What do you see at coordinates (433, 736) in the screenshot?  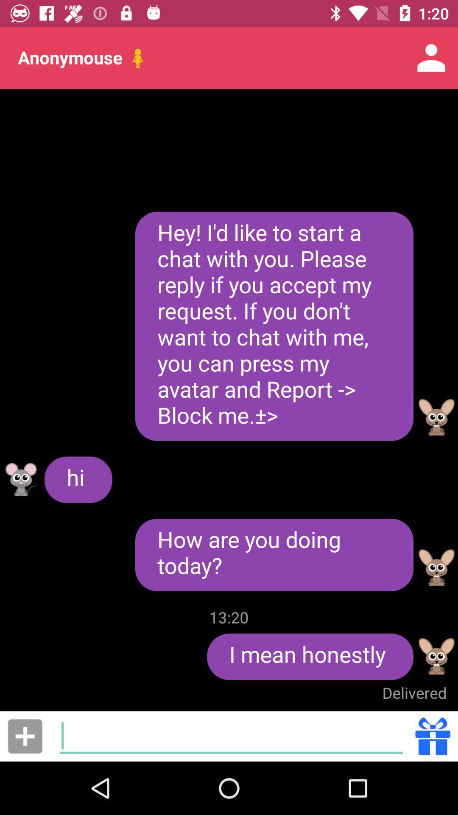 I see `send` at bounding box center [433, 736].